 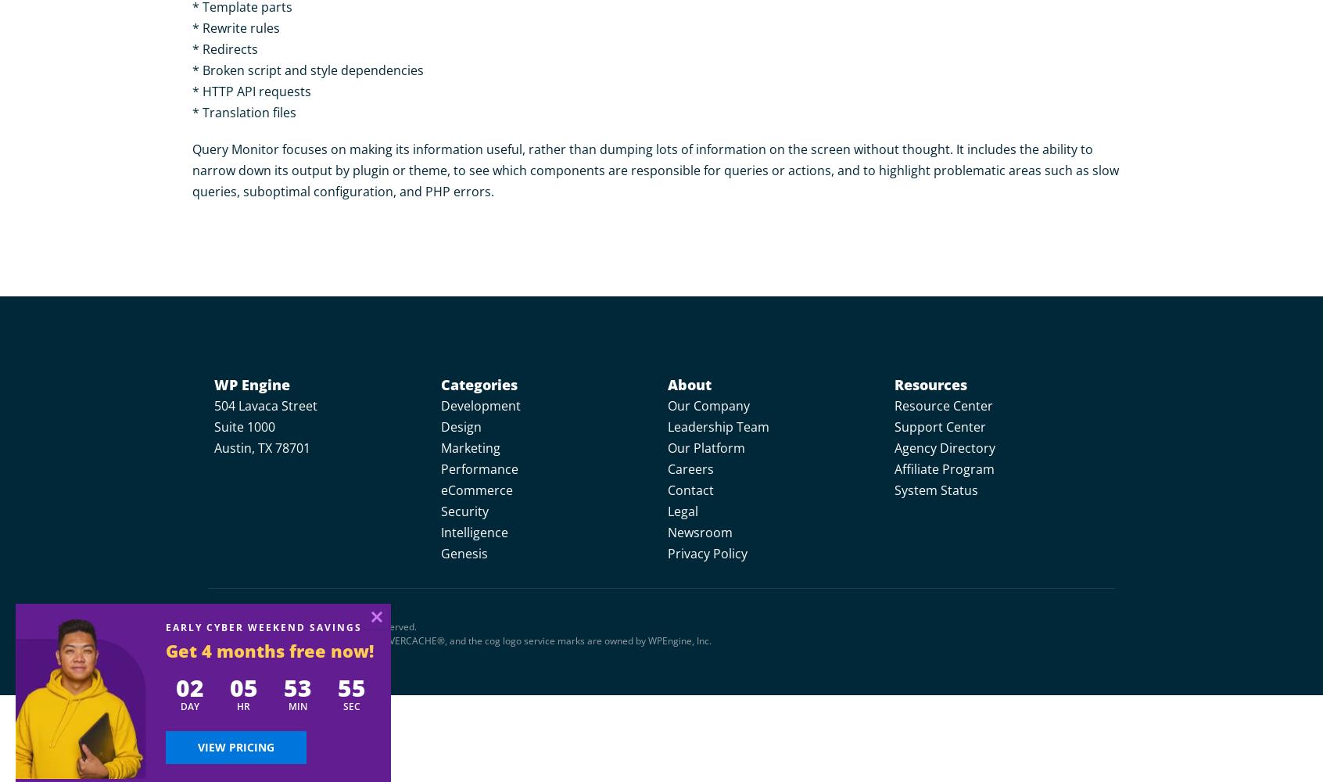 I want to click on 'eCommerce', so click(x=440, y=490).